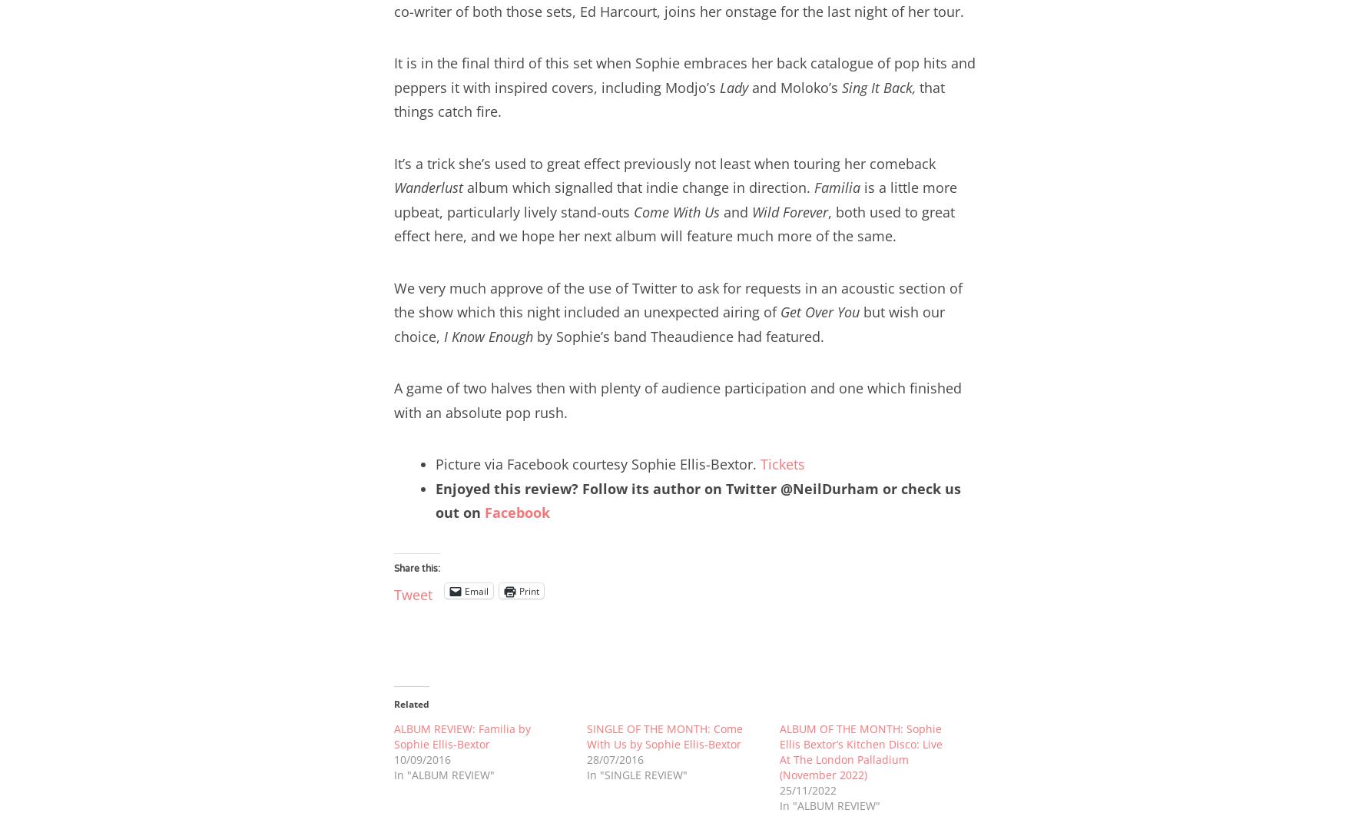 Image resolution: width=1372 pixels, height=823 pixels. What do you see at coordinates (677, 299) in the screenshot?
I see `'We very much approve of the use of Twitter to ask for requests in an acoustic section of the show which this night included an unexpected airing of'` at bounding box center [677, 299].